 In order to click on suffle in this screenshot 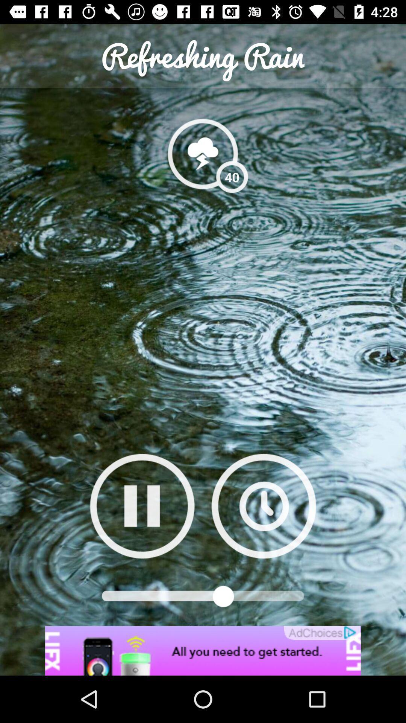, I will do `click(263, 506)`.